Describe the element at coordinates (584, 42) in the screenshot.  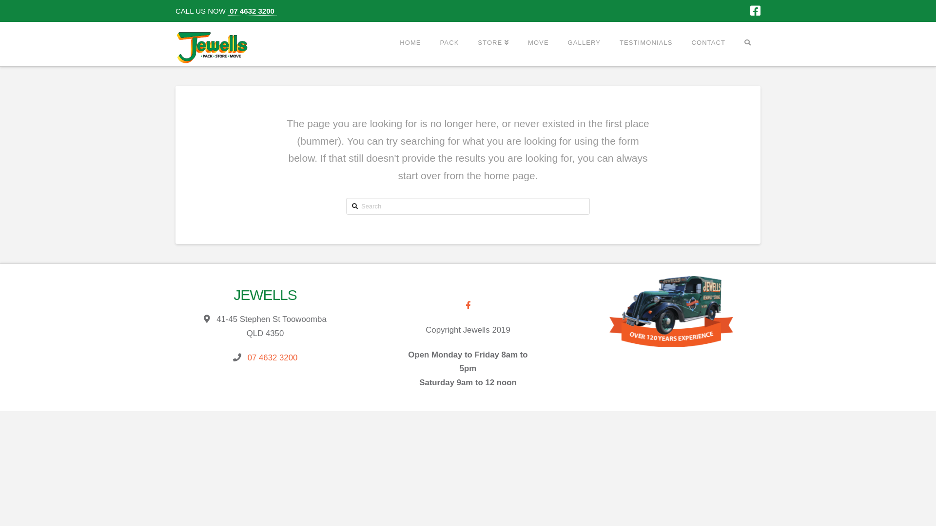
I see `'GALLERY'` at that location.